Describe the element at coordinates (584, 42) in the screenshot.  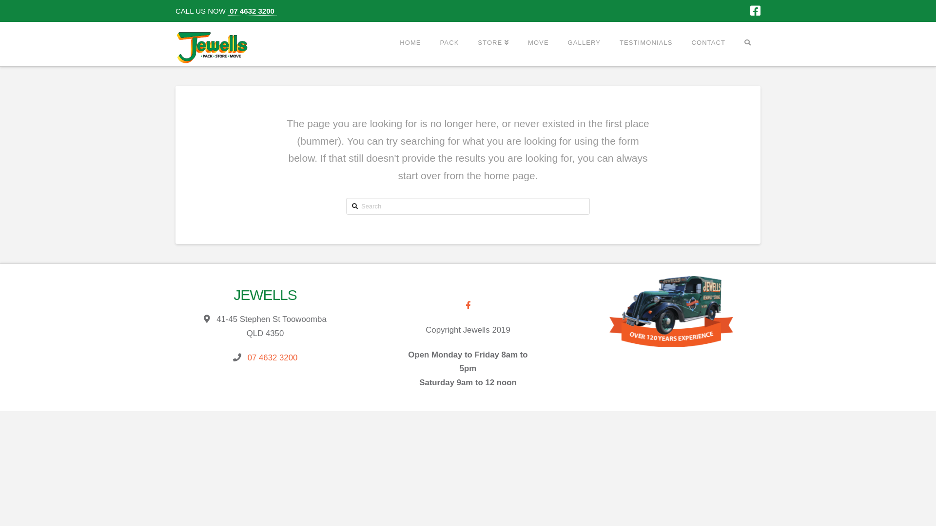
I see `'GALLERY'` at that location.